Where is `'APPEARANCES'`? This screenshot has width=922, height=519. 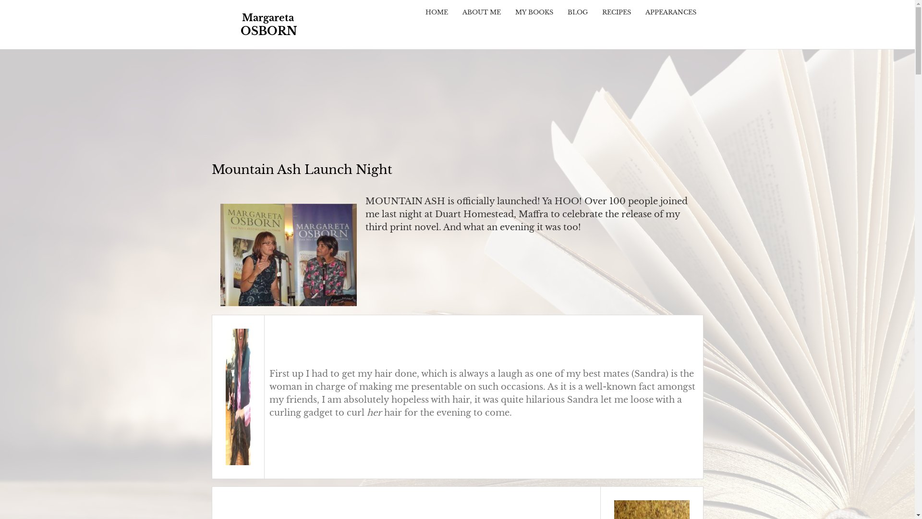
'APPEARANCES' is located at coordinates (638, 12).